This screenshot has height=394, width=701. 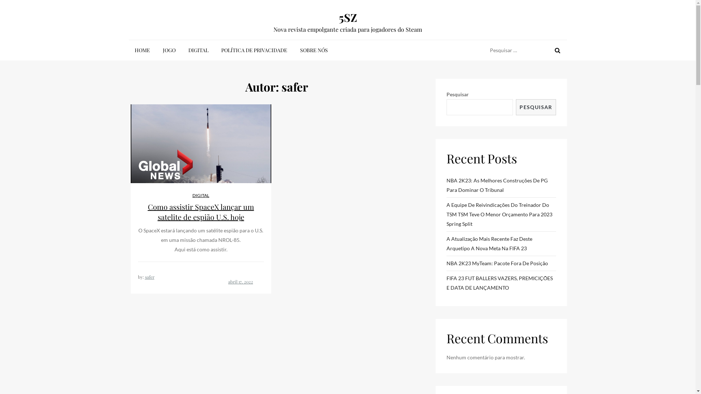 I want to click on '5SZ', so click(x=338, y=17).